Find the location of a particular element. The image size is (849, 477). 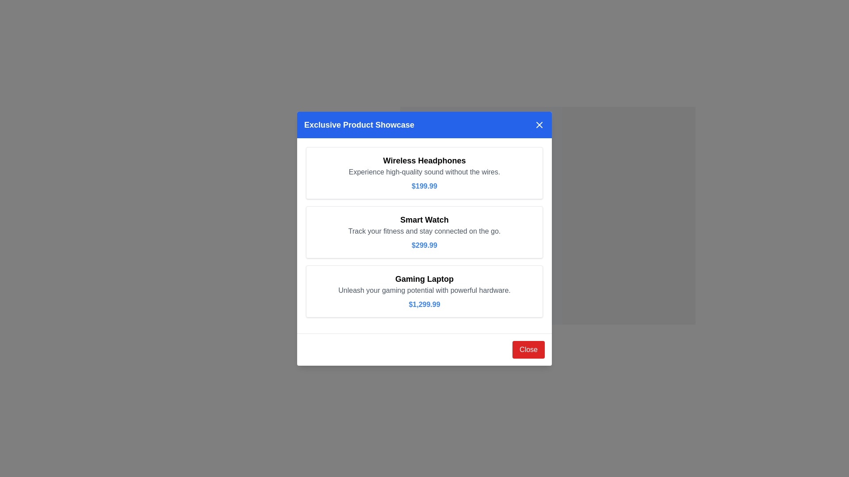

the product title text label located at the top of the product card, which serves to identify the product by name is located at coordinates (424, 160).